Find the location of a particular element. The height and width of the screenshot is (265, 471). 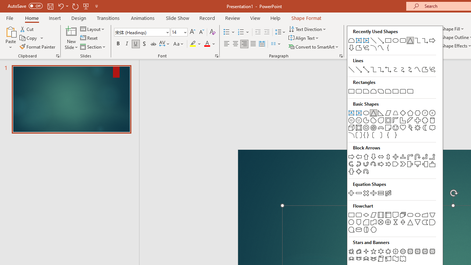

'Section' is located at coordinates (93, 47).